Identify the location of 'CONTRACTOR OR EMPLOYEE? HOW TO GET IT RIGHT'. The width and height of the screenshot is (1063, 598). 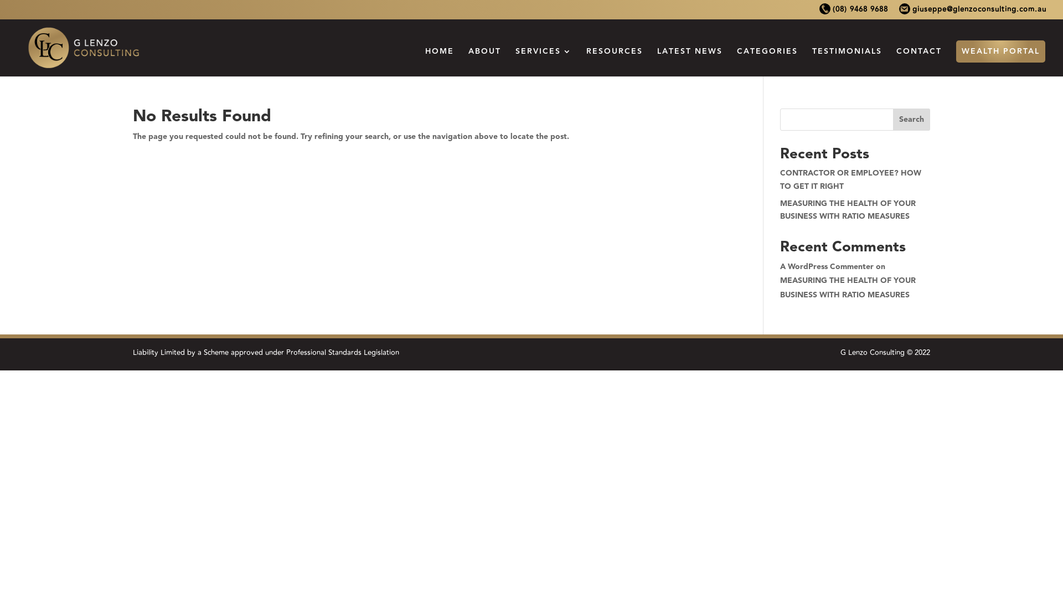
(850, 179).